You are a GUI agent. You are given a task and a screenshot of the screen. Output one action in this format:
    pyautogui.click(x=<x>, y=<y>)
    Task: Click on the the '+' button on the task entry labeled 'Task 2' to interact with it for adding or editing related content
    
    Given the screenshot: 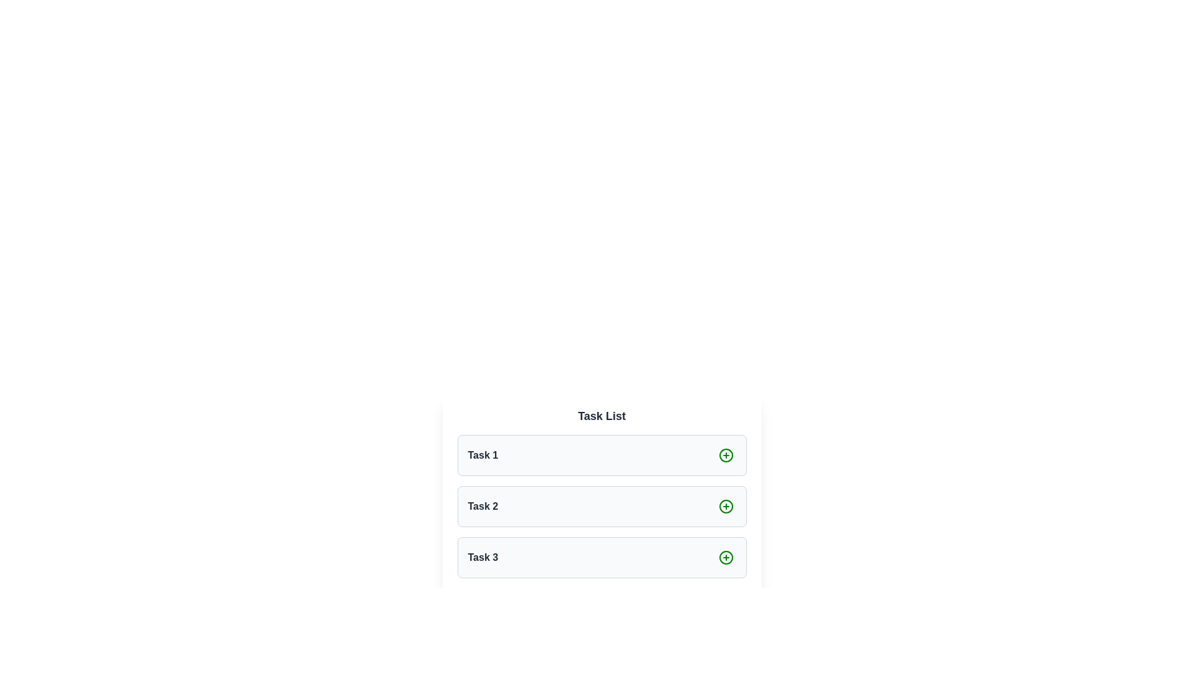 What is the action you would take?
    pyautogui.click(x=602, y=507)
    